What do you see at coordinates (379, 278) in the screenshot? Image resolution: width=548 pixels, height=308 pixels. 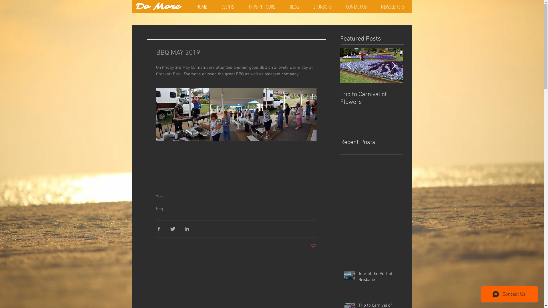 I see `'Tour of the Port of Brisbane'` at bounding box center [379, 278].